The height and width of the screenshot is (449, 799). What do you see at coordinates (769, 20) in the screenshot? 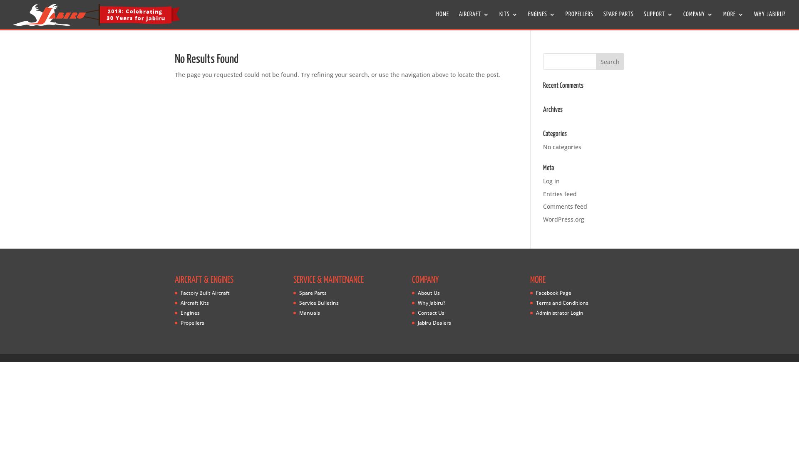
I see `'WHY JABIRU?'` at bounding box center [769, 20].